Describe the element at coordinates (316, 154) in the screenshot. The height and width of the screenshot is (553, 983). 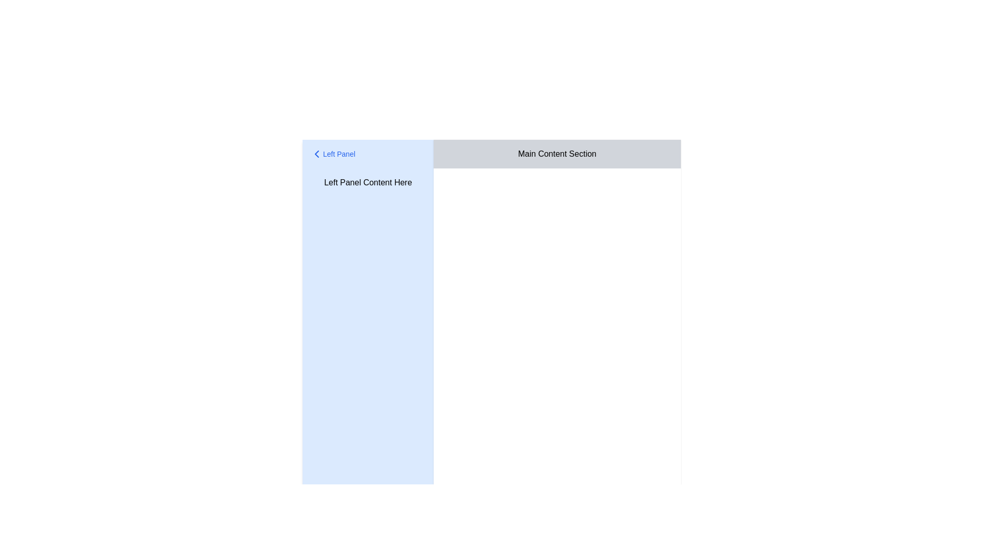
I see `the navigational icon located to the left of the 'Left Panel' label` at that location.